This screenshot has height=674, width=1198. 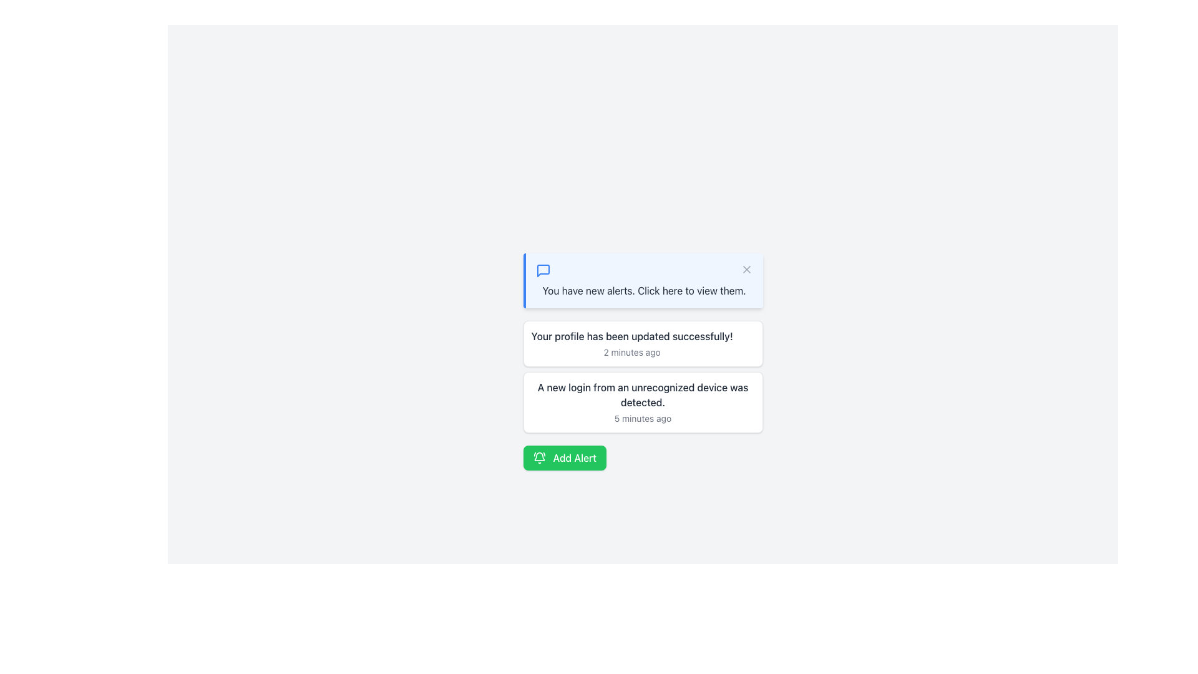 What do you see at coordinates (632, 336) in the screenshot?
I see `notification message indicating that the profile update was successful, which is the top text segment in the notifications area` at bounding box center [632, 336].